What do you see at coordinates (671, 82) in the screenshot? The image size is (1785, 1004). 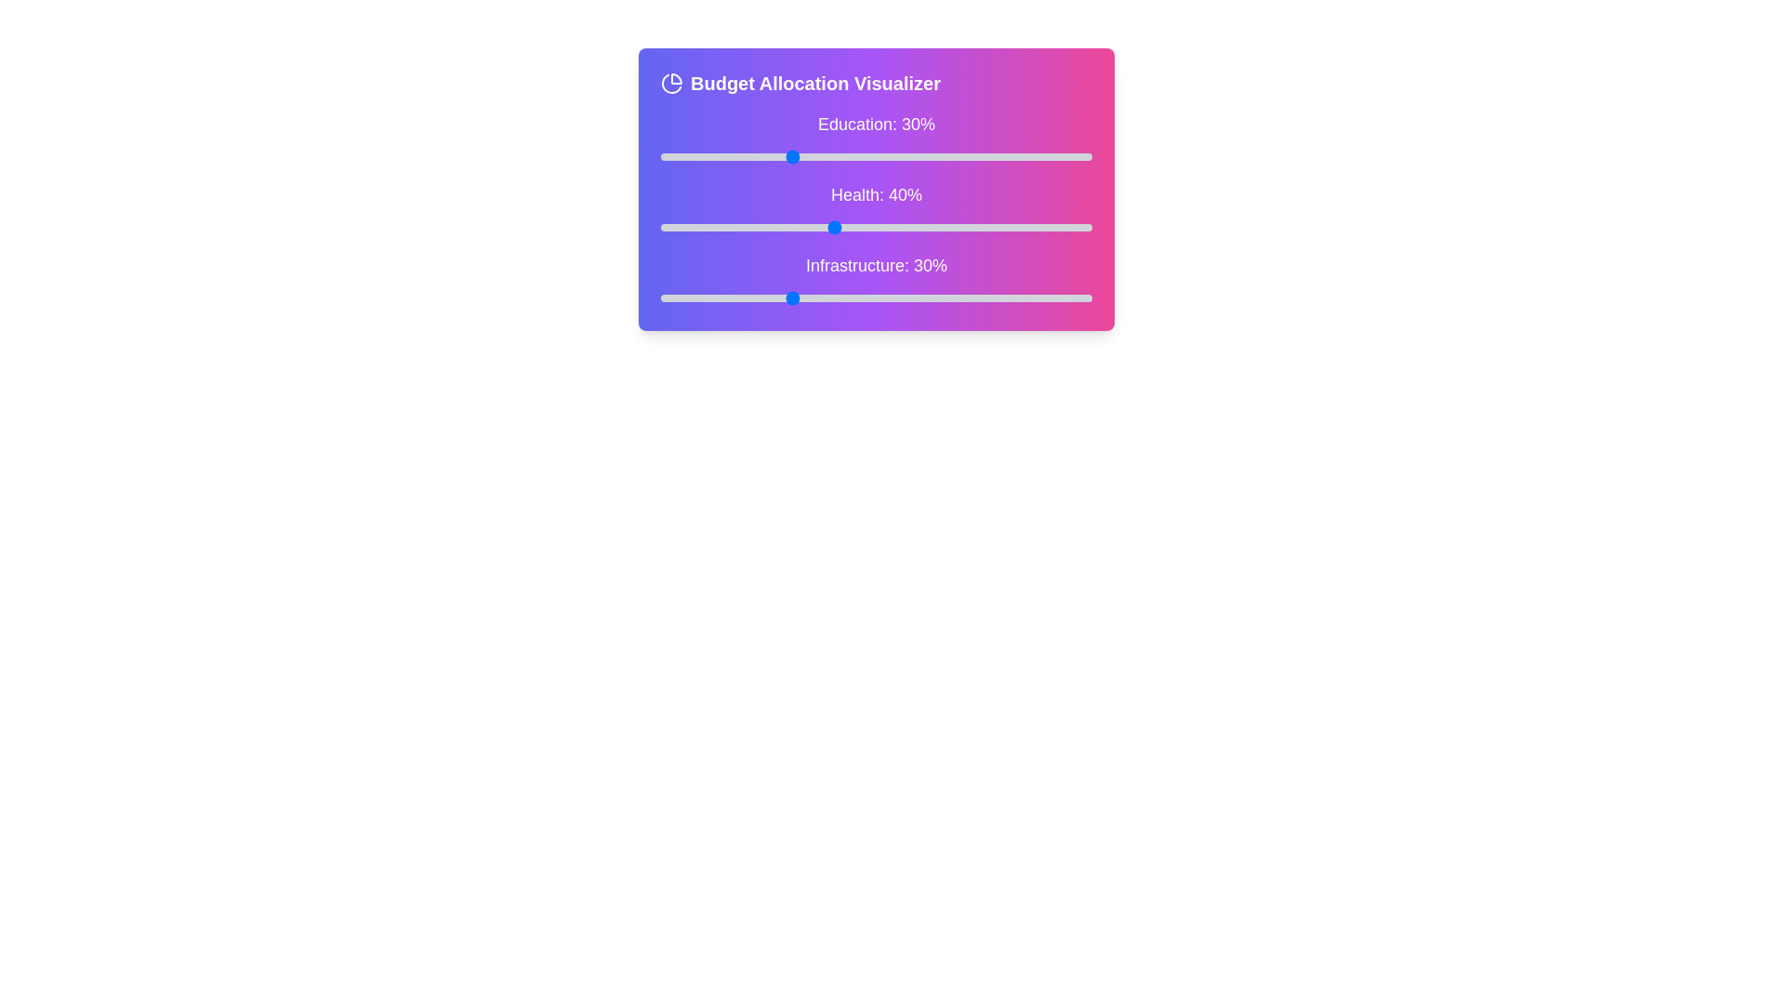 I see `the decorative icon representing budget division located to the left of the 'Budget Allocation Visualizer' text` at bounding box center [671, 82].